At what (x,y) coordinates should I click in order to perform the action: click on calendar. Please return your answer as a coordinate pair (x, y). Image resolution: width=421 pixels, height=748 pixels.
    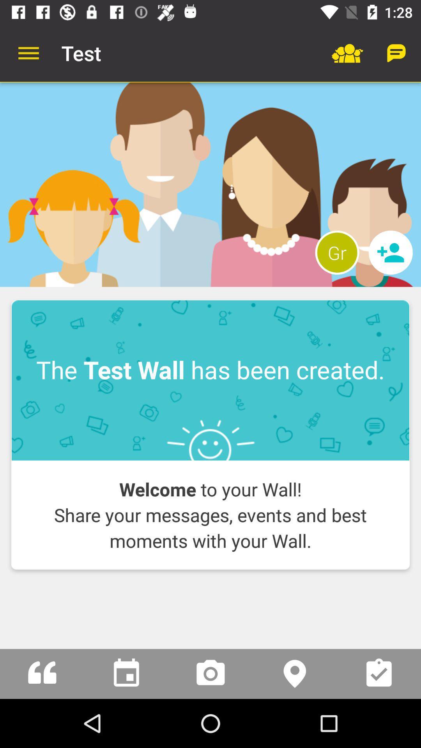
    Looking at the image, I should click on (126, 673).